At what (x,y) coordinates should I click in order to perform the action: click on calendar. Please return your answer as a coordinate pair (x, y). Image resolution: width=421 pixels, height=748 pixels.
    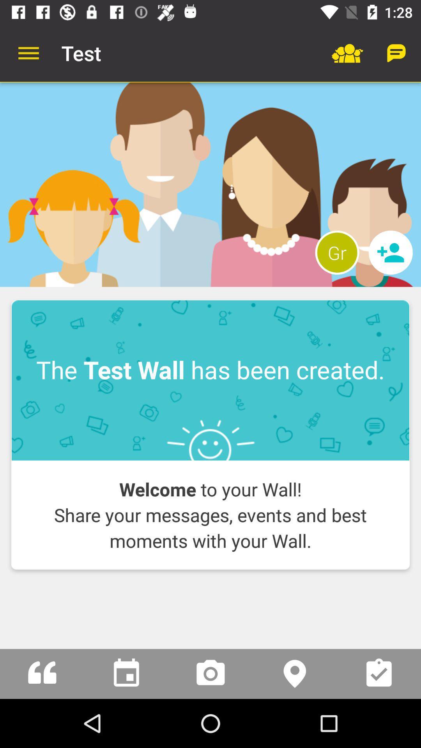
    Looking at the image, I should click on (126, 673).